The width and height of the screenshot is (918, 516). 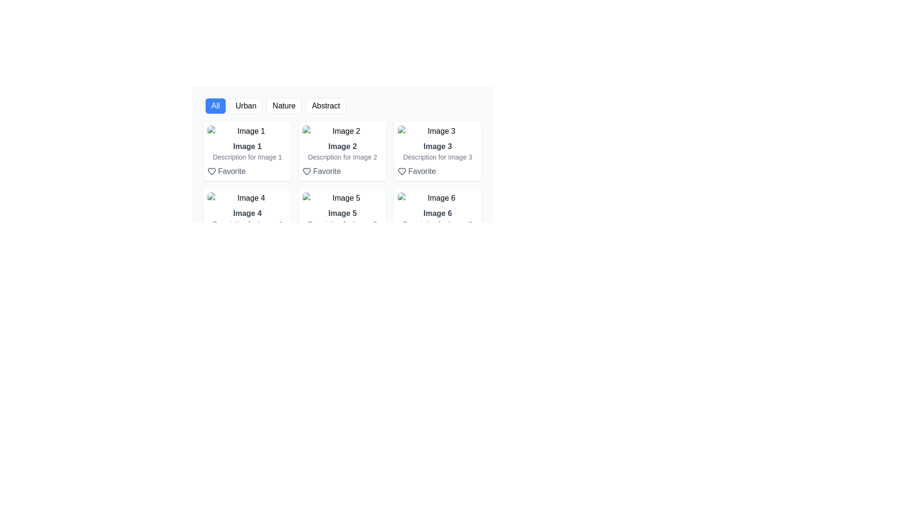 I want to click on text displayed in the label titled 'Image 4', which is styled in bold gray font and positioned above the description text in the fourth tile of the grid layout, so click(x=247, y=213).